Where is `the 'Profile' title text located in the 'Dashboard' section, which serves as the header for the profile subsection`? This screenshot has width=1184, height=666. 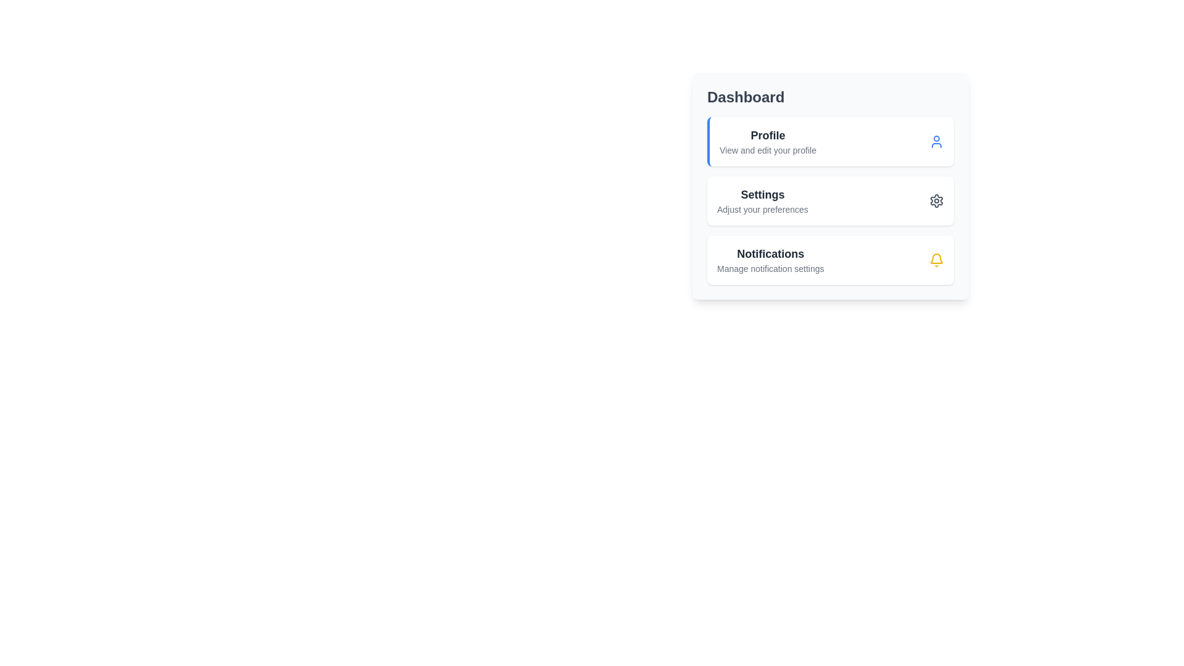 the 'Profile' title text located in the 'Dashboard' section, which serves as the header for the profile subsection is located at coordinates (767, 135).